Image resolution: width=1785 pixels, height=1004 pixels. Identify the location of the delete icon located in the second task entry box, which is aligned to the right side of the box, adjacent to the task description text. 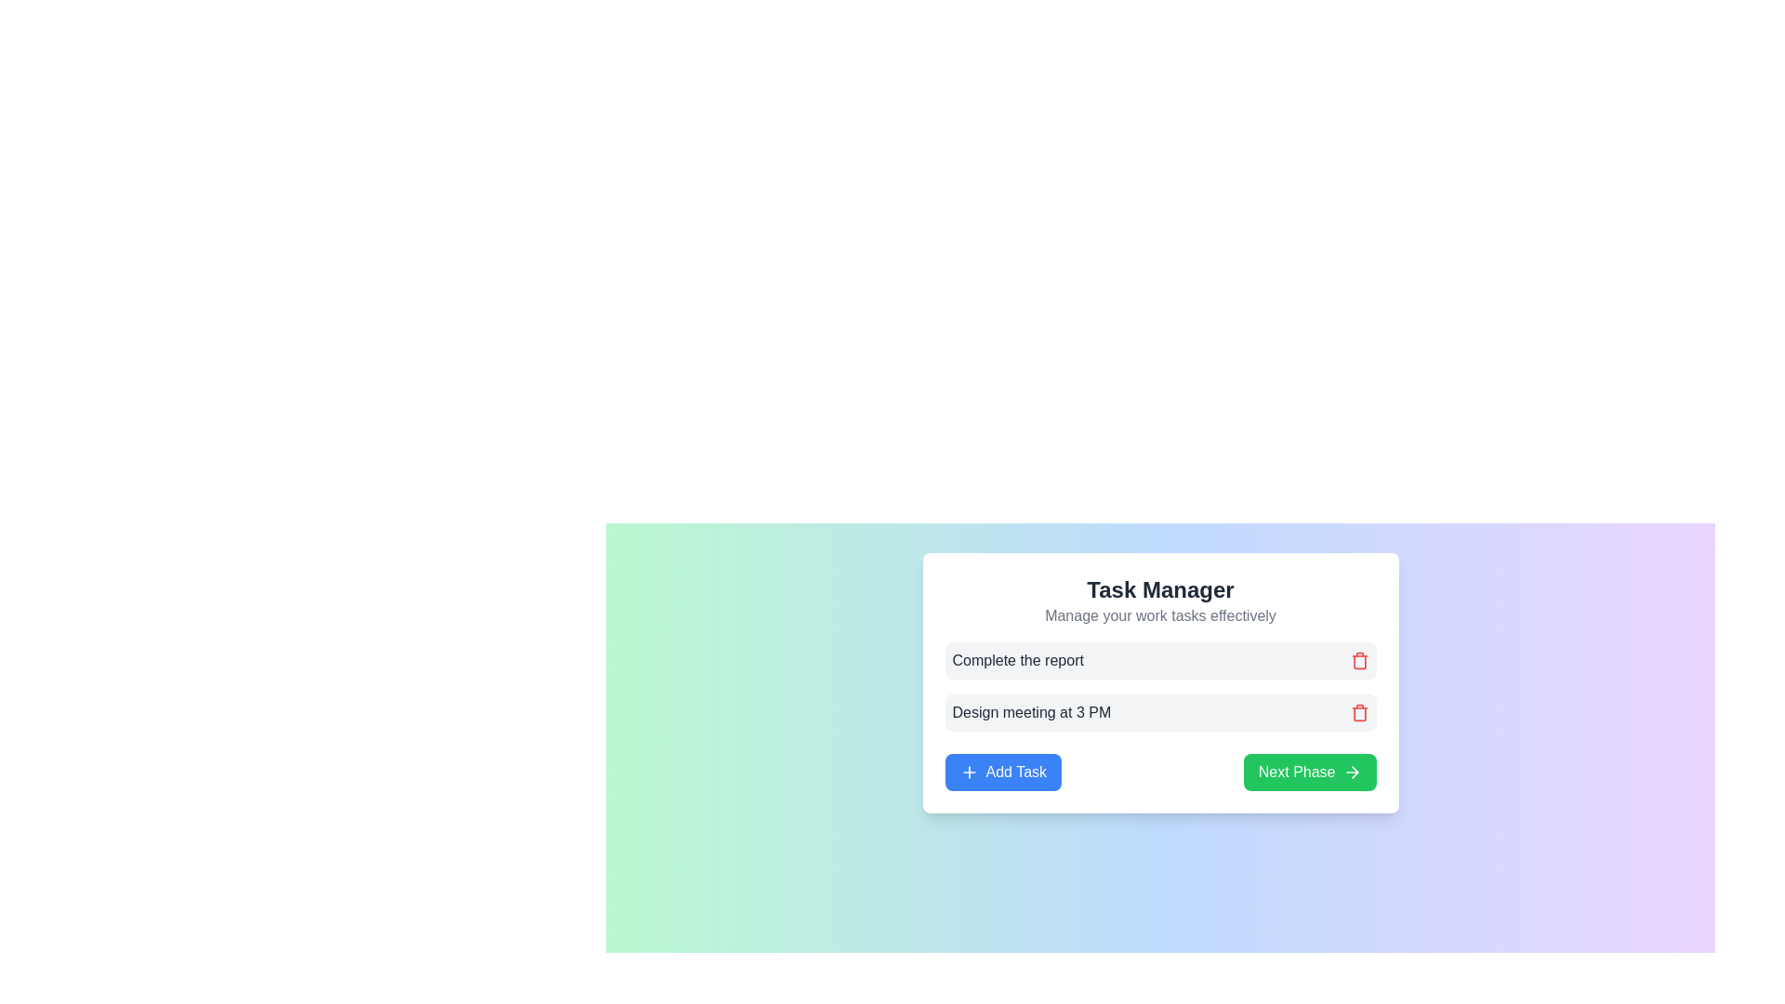
(1359, 661).